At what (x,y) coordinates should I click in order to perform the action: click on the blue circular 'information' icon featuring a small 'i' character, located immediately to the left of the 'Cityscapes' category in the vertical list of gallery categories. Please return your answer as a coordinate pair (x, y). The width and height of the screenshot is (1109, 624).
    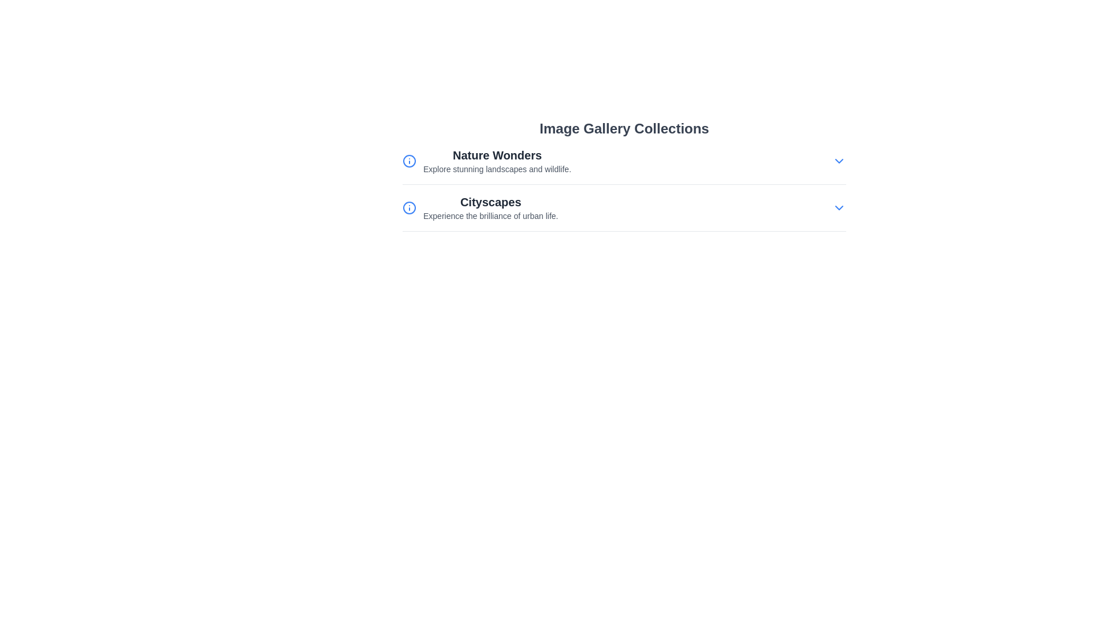
    Looking at the image, I should click on (410, 207).